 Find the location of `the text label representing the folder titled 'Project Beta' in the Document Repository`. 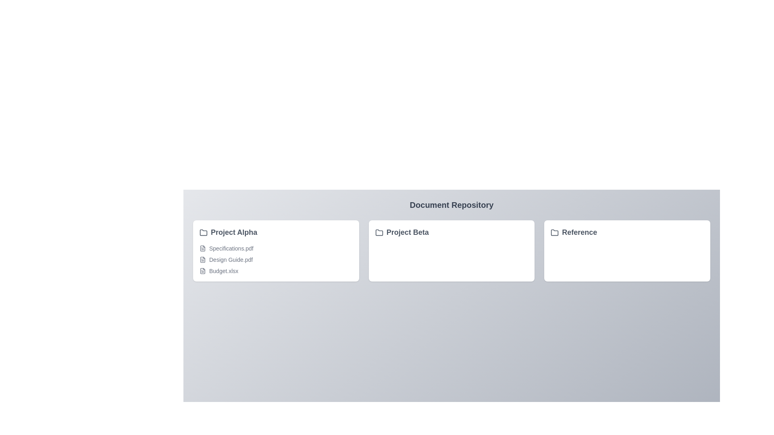

the text label representing the folder titled 'Project Beta' in the Document Repository is located at coordinates (402, 232).